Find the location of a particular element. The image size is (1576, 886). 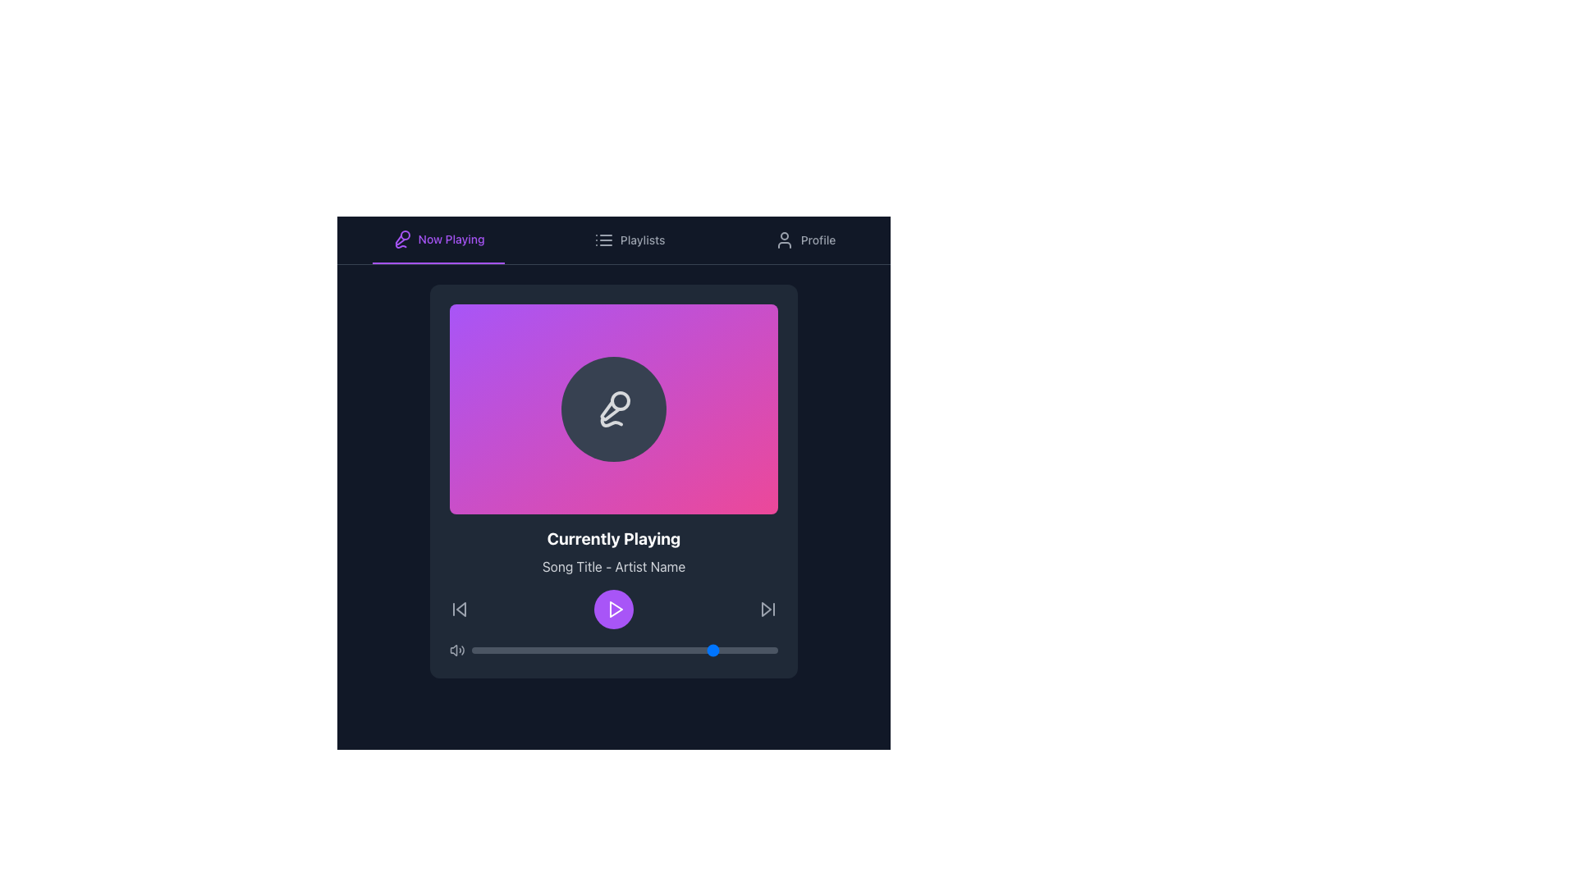

the left-pointing arrowhead icon located in the bottom left section of the playback control area to skip to the previous track is located at coordinates (460, 610).